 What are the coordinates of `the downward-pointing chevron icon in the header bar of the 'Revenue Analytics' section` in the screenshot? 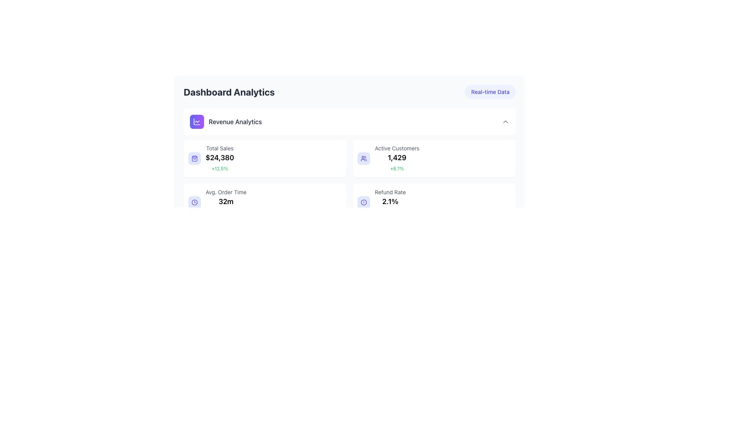 It's located at (506, 122).